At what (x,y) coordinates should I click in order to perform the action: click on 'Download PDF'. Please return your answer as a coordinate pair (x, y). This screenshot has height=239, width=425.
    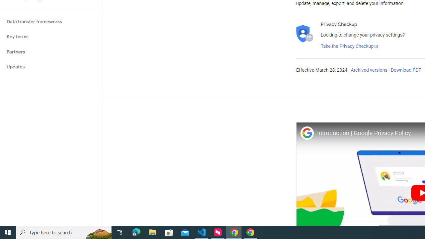
    Looking at the image, I should click on (405, 70).